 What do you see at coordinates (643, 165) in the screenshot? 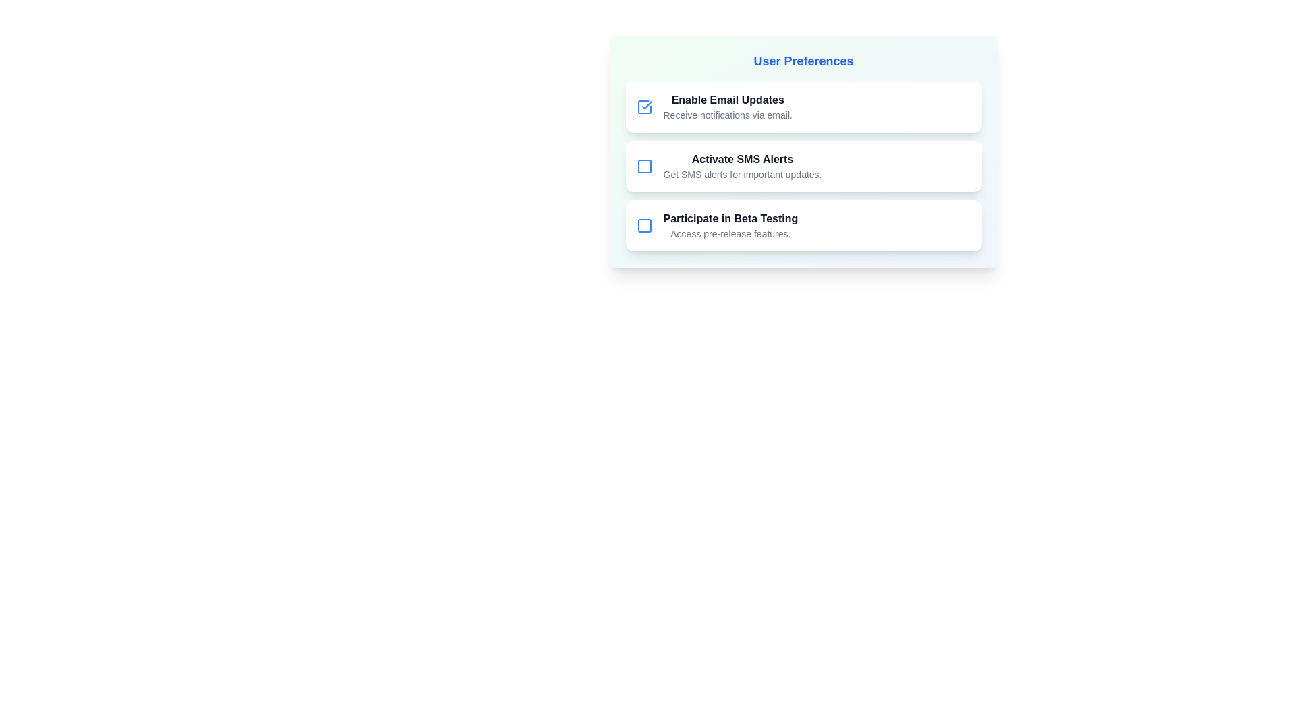
I see `the minimalistic blue outlined square-shaped icon located to the left of the 'Activate SMS Alerts' text in the second card of the vertical list` at bounding box center [643, 165].